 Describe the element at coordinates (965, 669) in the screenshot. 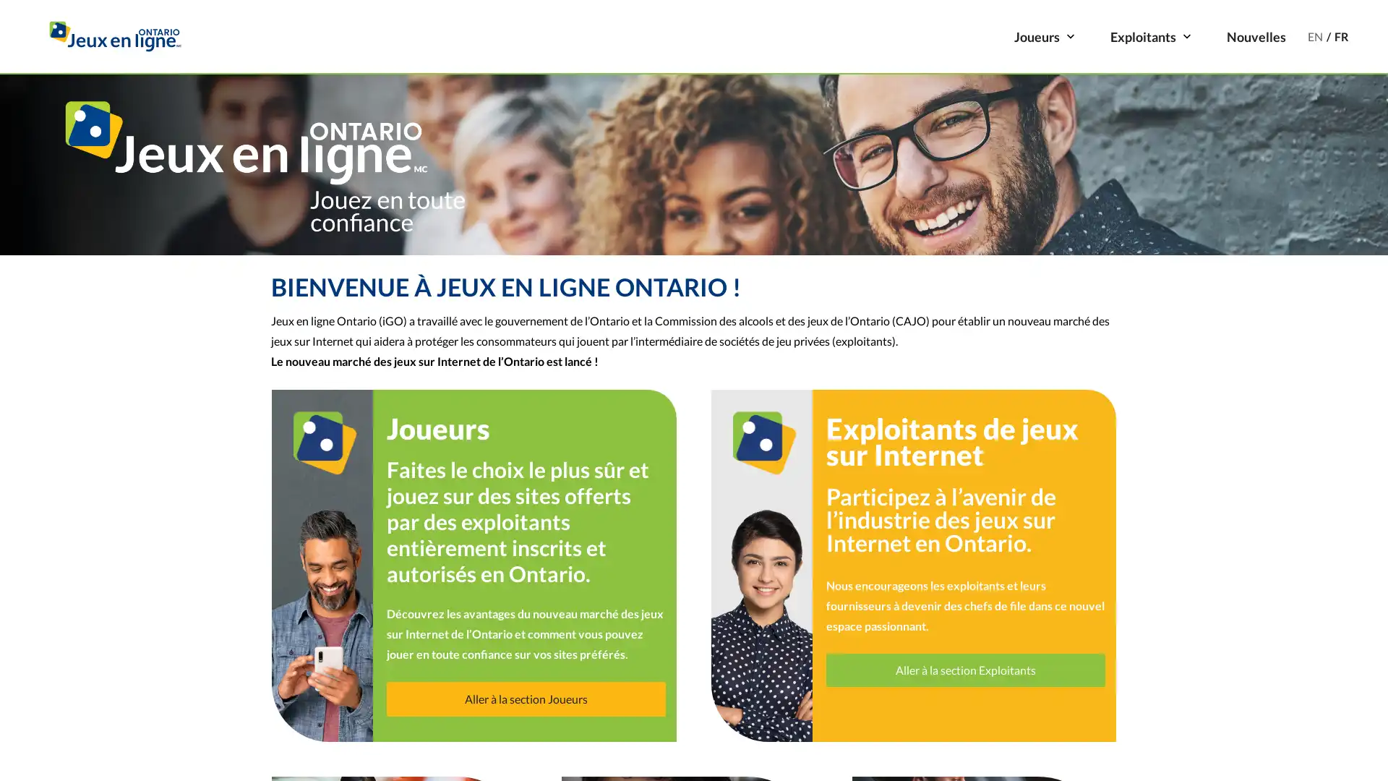

I see `Aller a la section Exploitants` at that location.